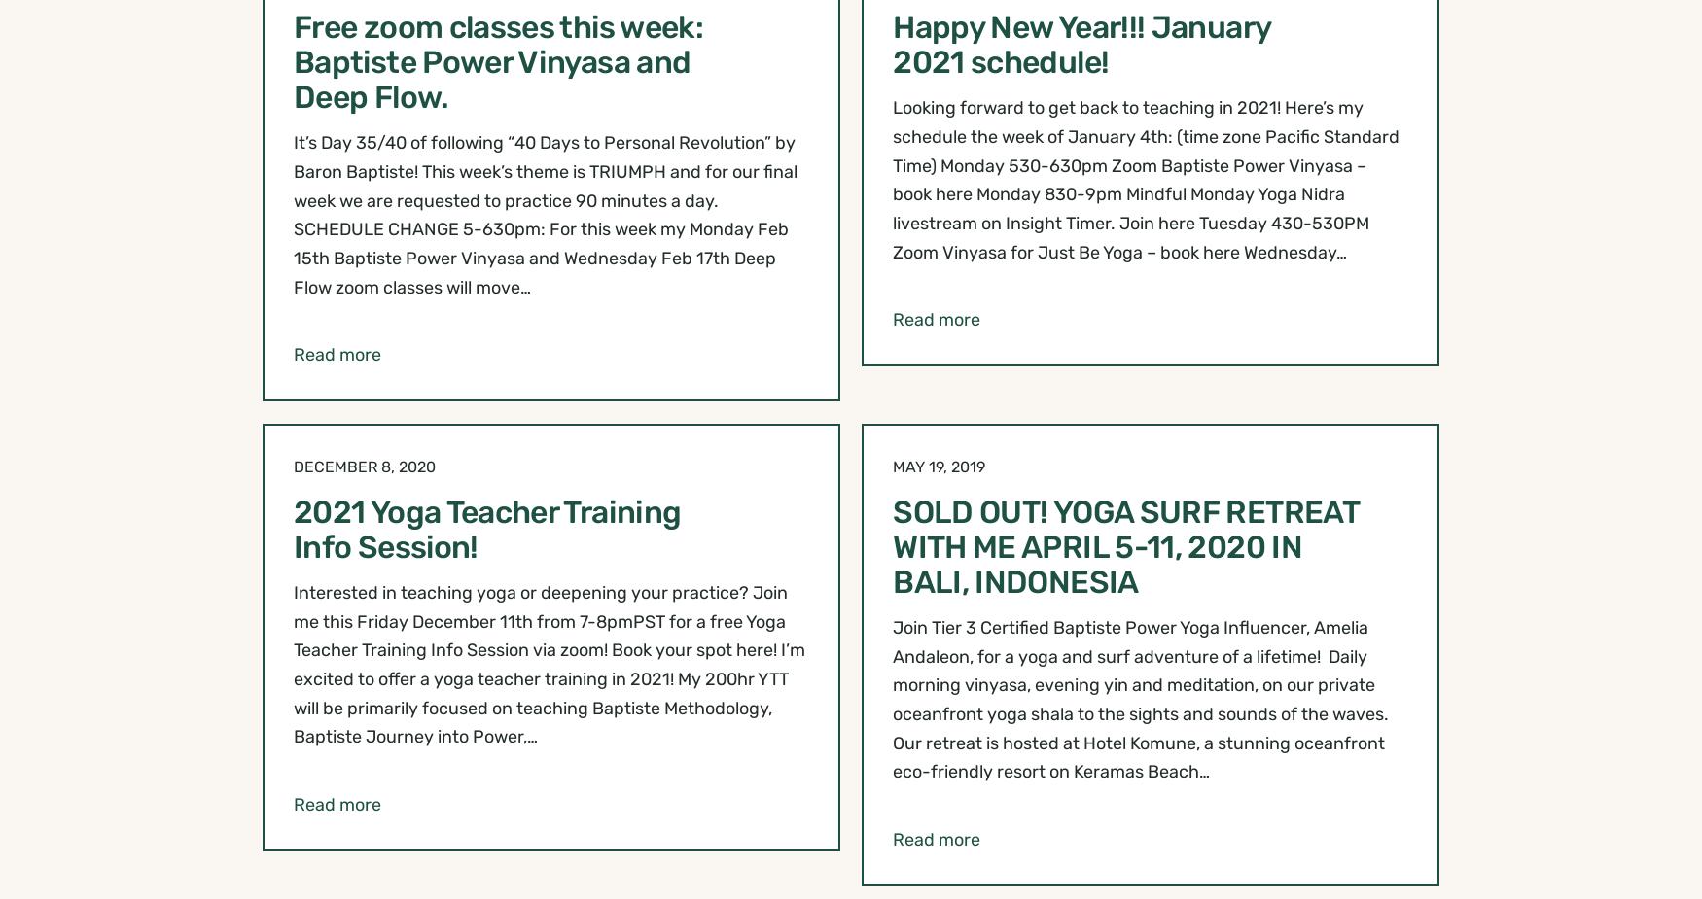 This screenshot has width=1702, height=899. I want to click on 'SOLD OUT!  YOGA SURF RETREAT WITH ME APRIL 5-11, 2020 IN BALI, INDONESIA', so click(892, 546).